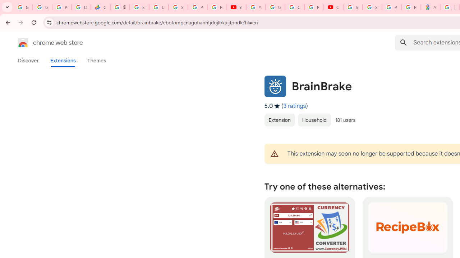 The width and height of the screenshot is (460, 258). I want to click on 'Currencies - Google Finance', so click(100, 7).